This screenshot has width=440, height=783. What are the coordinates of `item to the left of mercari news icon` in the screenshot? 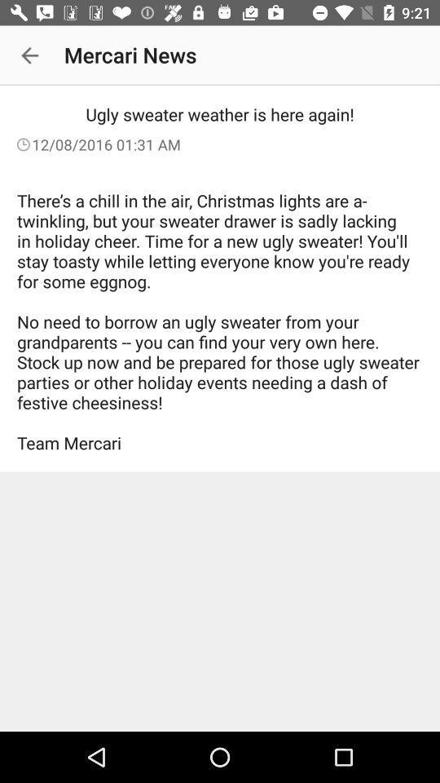 It's located at (29, 55).